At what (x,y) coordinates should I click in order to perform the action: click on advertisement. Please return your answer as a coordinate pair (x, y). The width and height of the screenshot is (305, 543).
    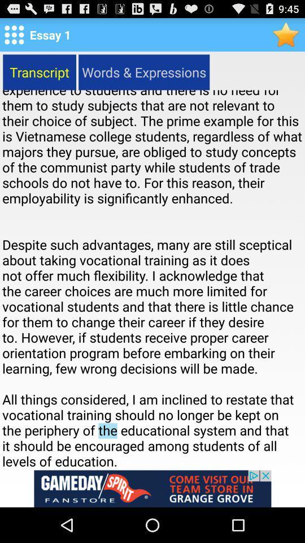
    Looking at the image, I should click on (152, 488).